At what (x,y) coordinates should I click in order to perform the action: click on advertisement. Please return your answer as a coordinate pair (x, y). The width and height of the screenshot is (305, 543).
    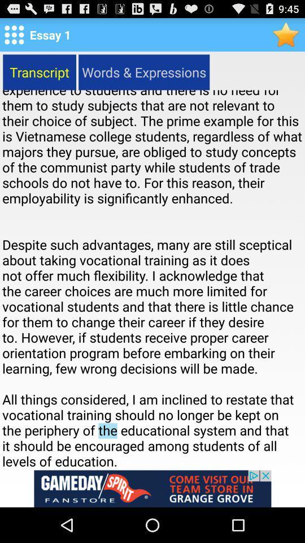
    Looking at the image, I should click on (152, 488).